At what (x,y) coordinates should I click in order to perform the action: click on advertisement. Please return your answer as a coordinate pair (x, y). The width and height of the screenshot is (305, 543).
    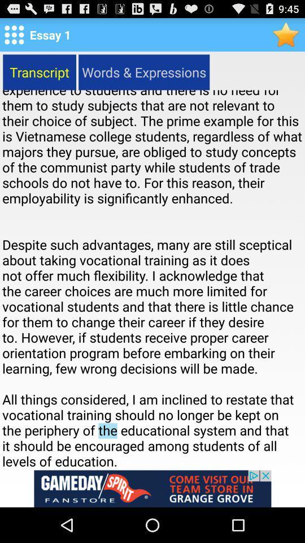
    Looking at the image, I should click on (152, 488).